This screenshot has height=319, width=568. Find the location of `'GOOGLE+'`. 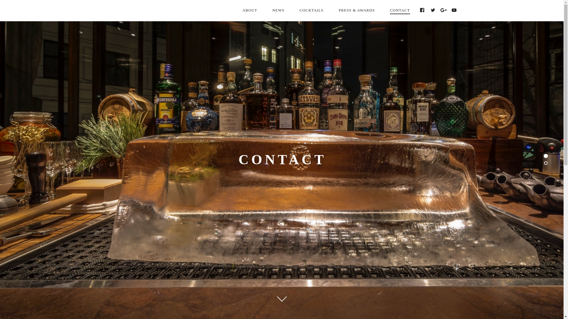

'GOOGLE+' is located at coordinates (443, 10).